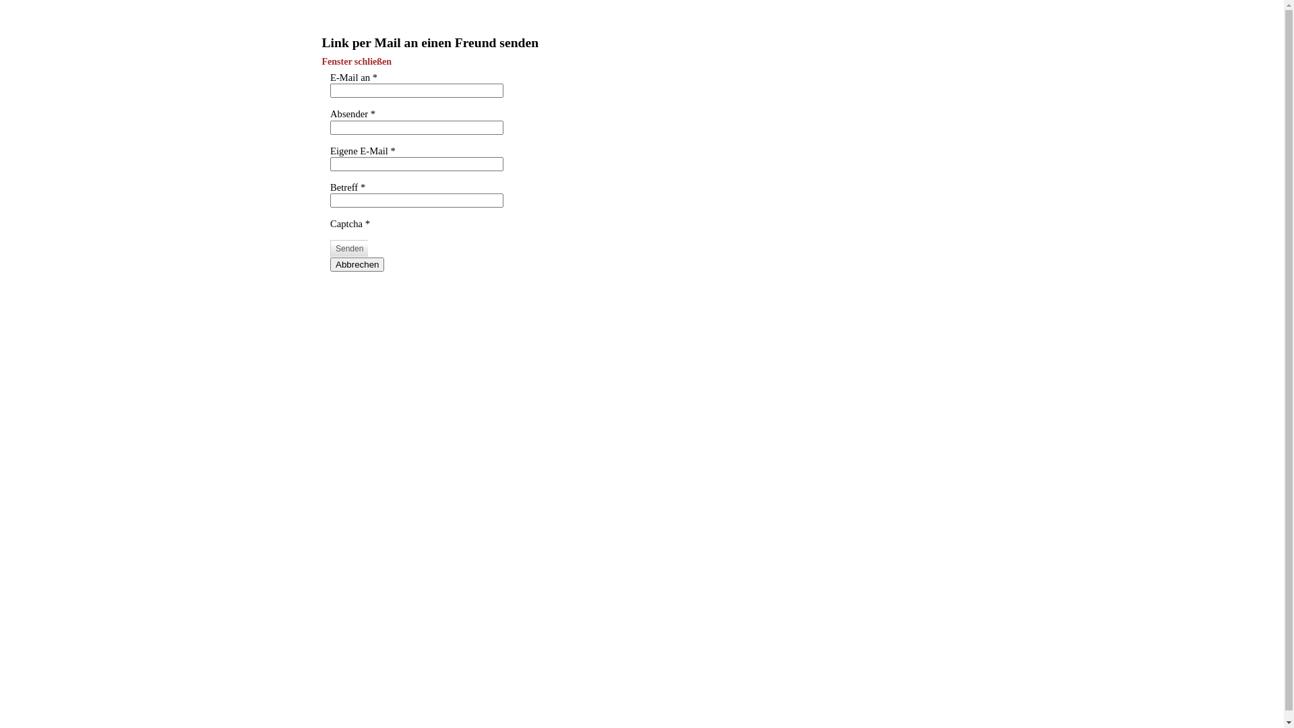 Image resolution: width=1294 pixels, height=728 pixels. What do you see at coordinates (349, 249) in the screenshot?
I see `'Senden'` at bounding box center [349, 249].